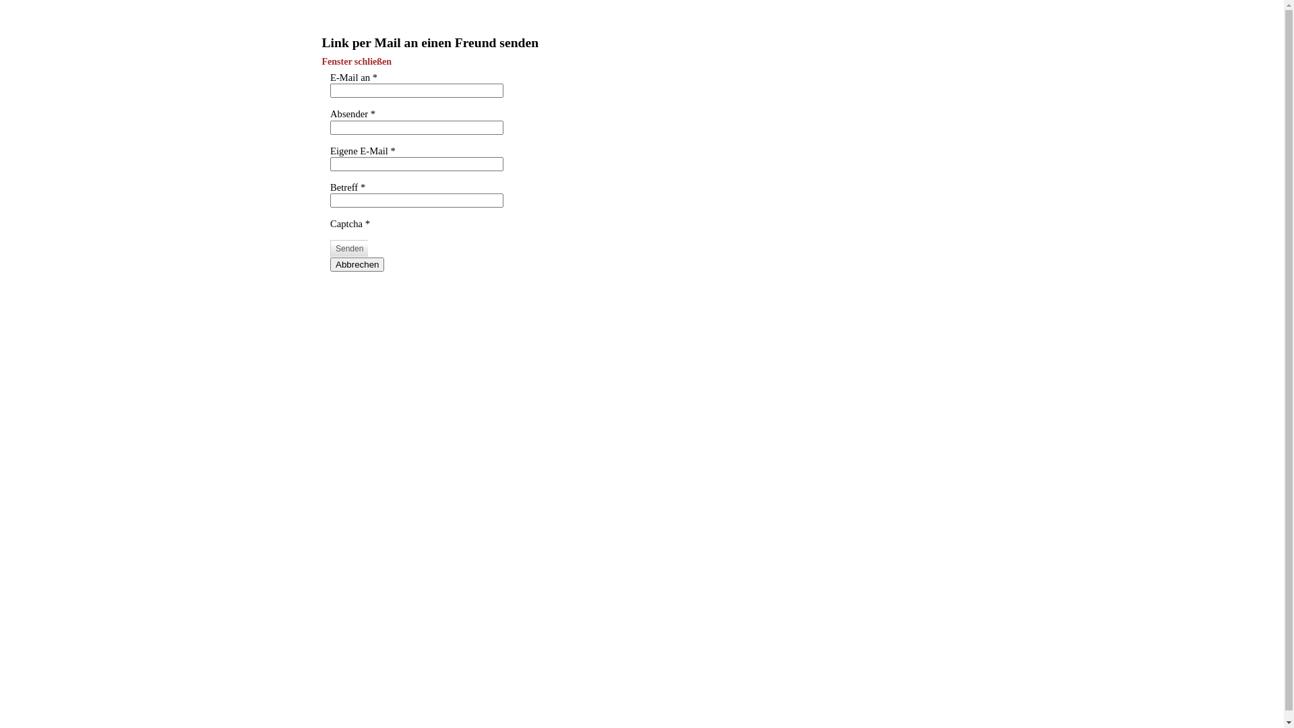 Image resolution: width=1294 pixels, height=728 pixels. What do you see at coordinates (349, 249) in the screenshot?
I see `'Senden'` at bounding box center [349, 249].